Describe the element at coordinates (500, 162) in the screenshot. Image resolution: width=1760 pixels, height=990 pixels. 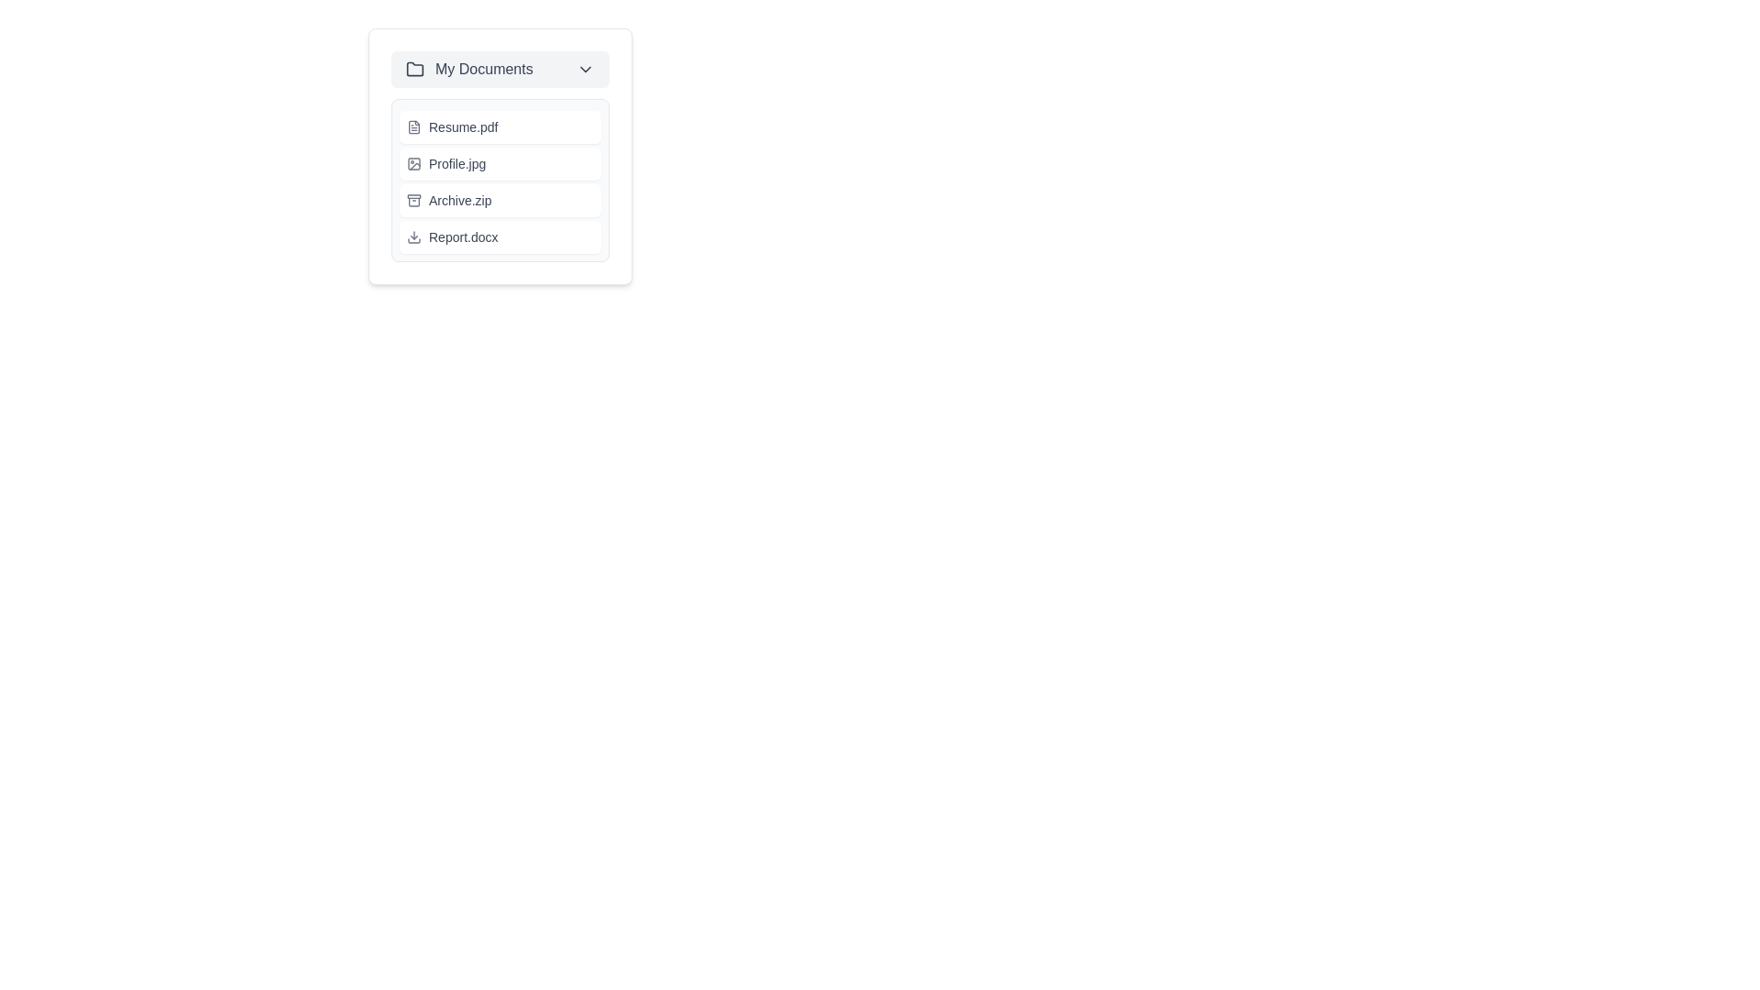
I see `the second file entry in the 'My Documents' list` at that location.